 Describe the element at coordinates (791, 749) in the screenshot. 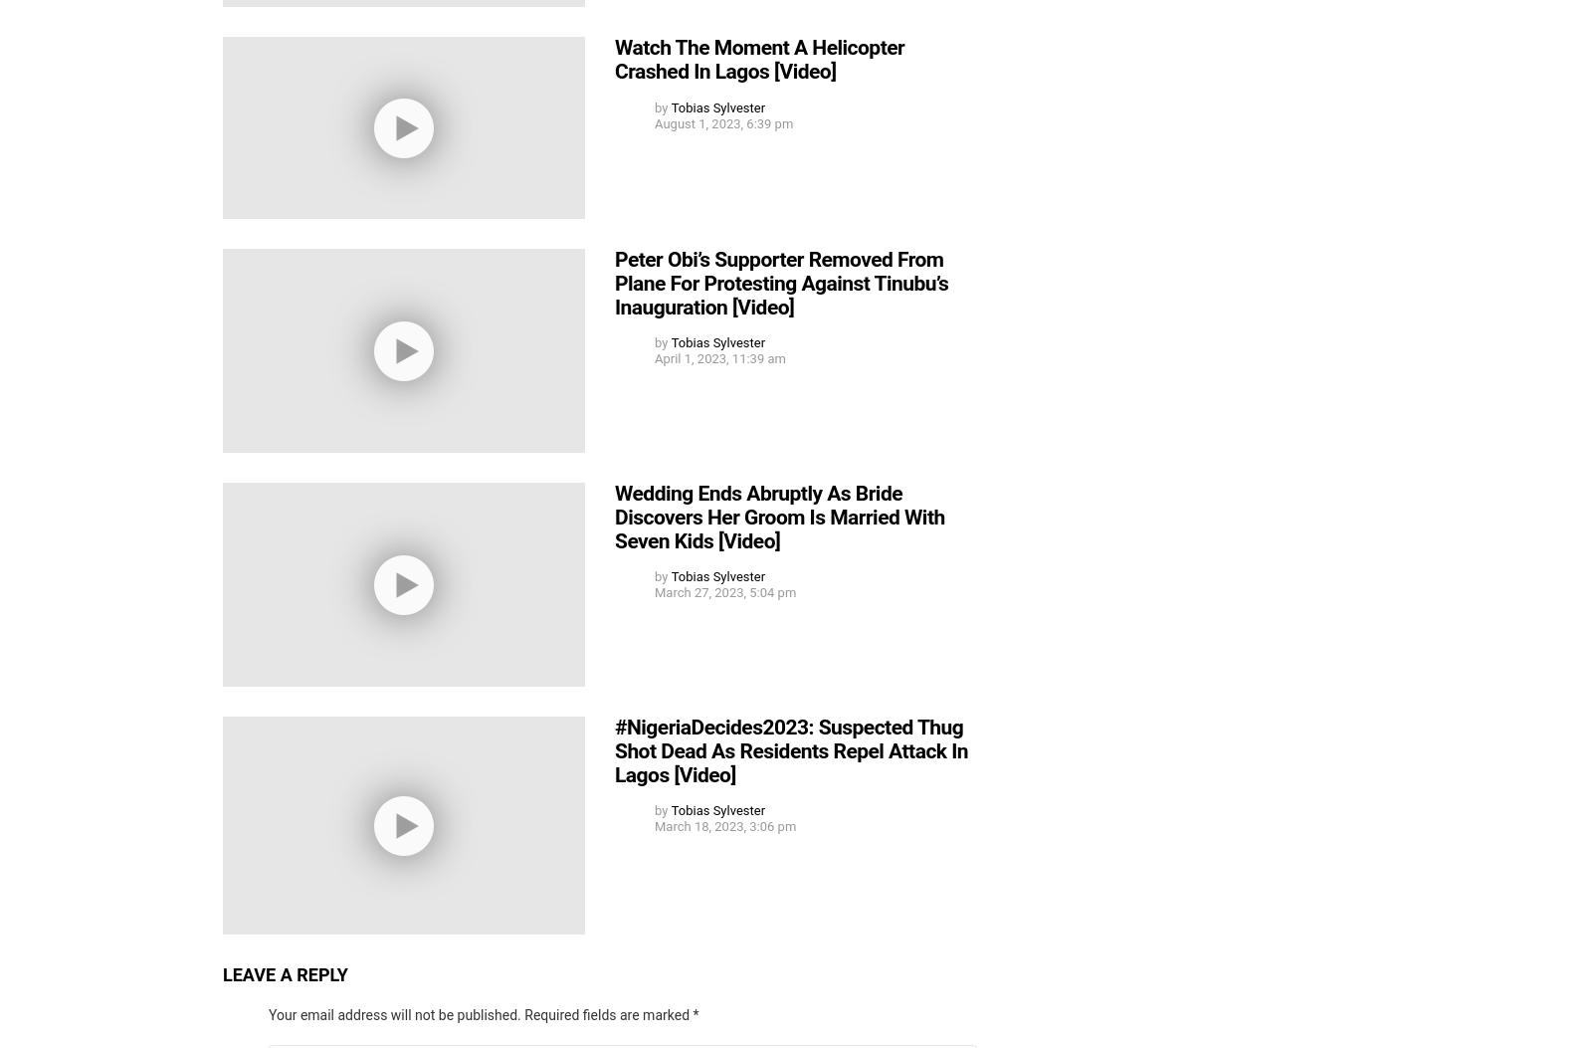

I see `'#NigeriaDecides2023: Suspected Thug Shot Dead As Residents Repel Attack In Lagos [Video]'` at that location.